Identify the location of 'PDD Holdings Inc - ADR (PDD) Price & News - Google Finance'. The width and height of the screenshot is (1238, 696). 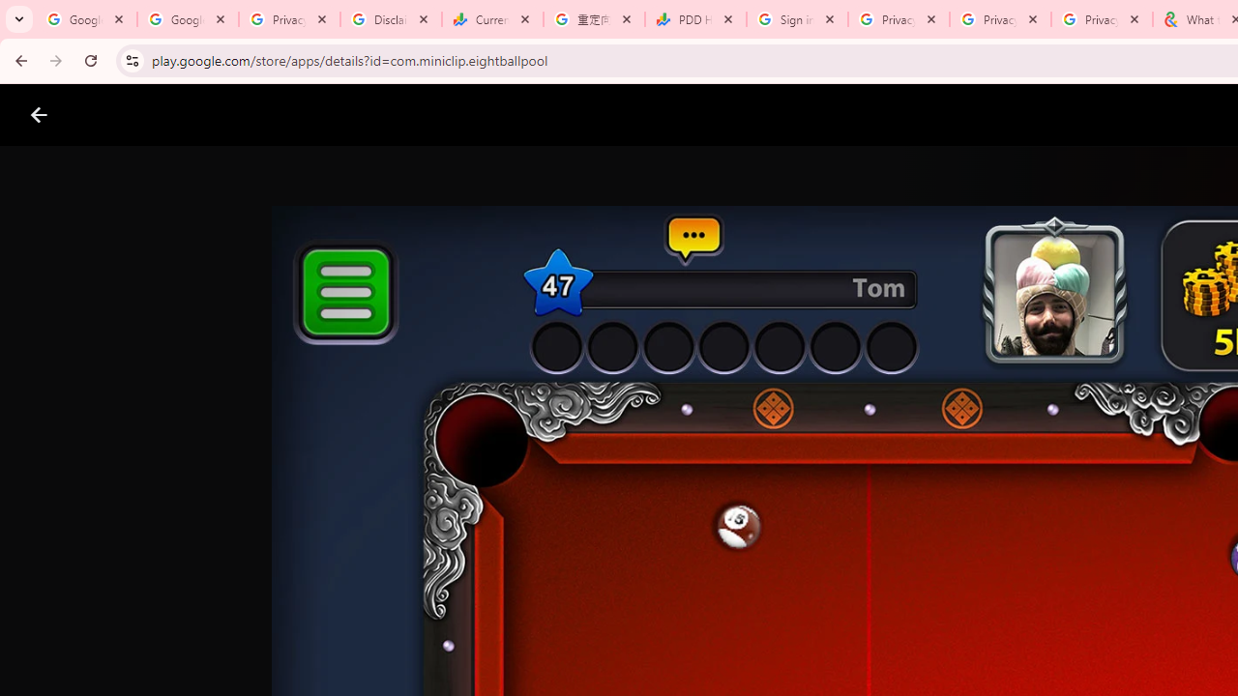
(695, 19).